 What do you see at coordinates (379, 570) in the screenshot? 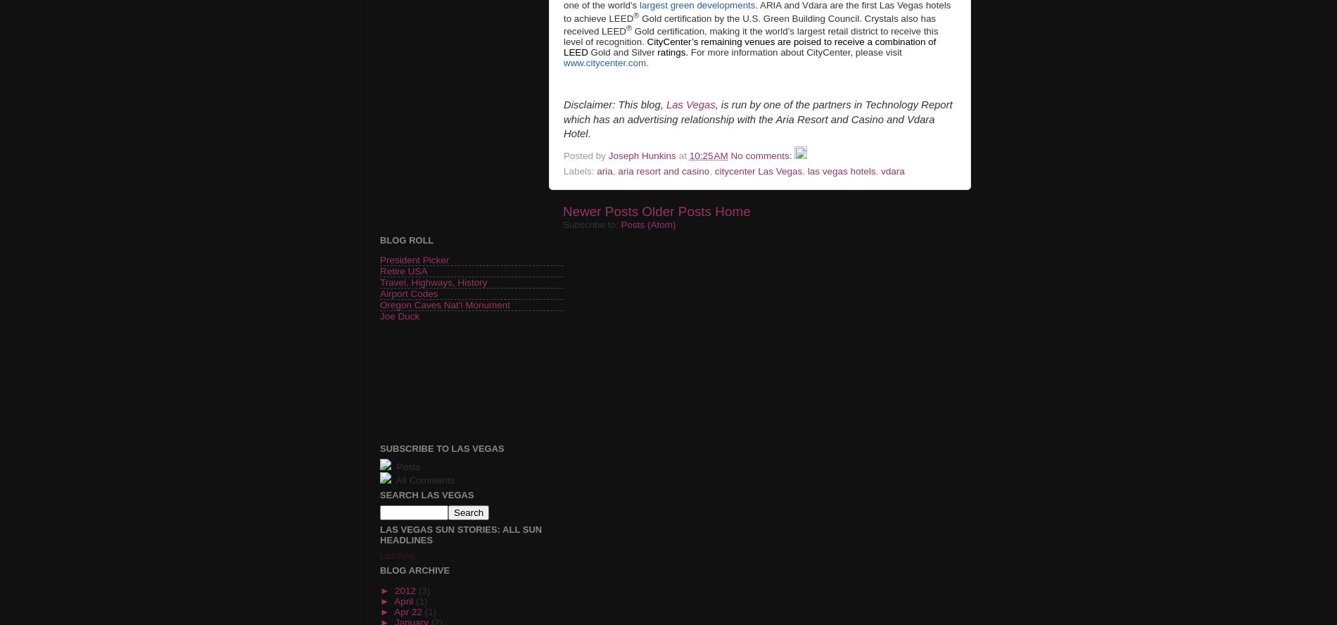
I see `'Blog Archive'` at bounding box center [379, 570].